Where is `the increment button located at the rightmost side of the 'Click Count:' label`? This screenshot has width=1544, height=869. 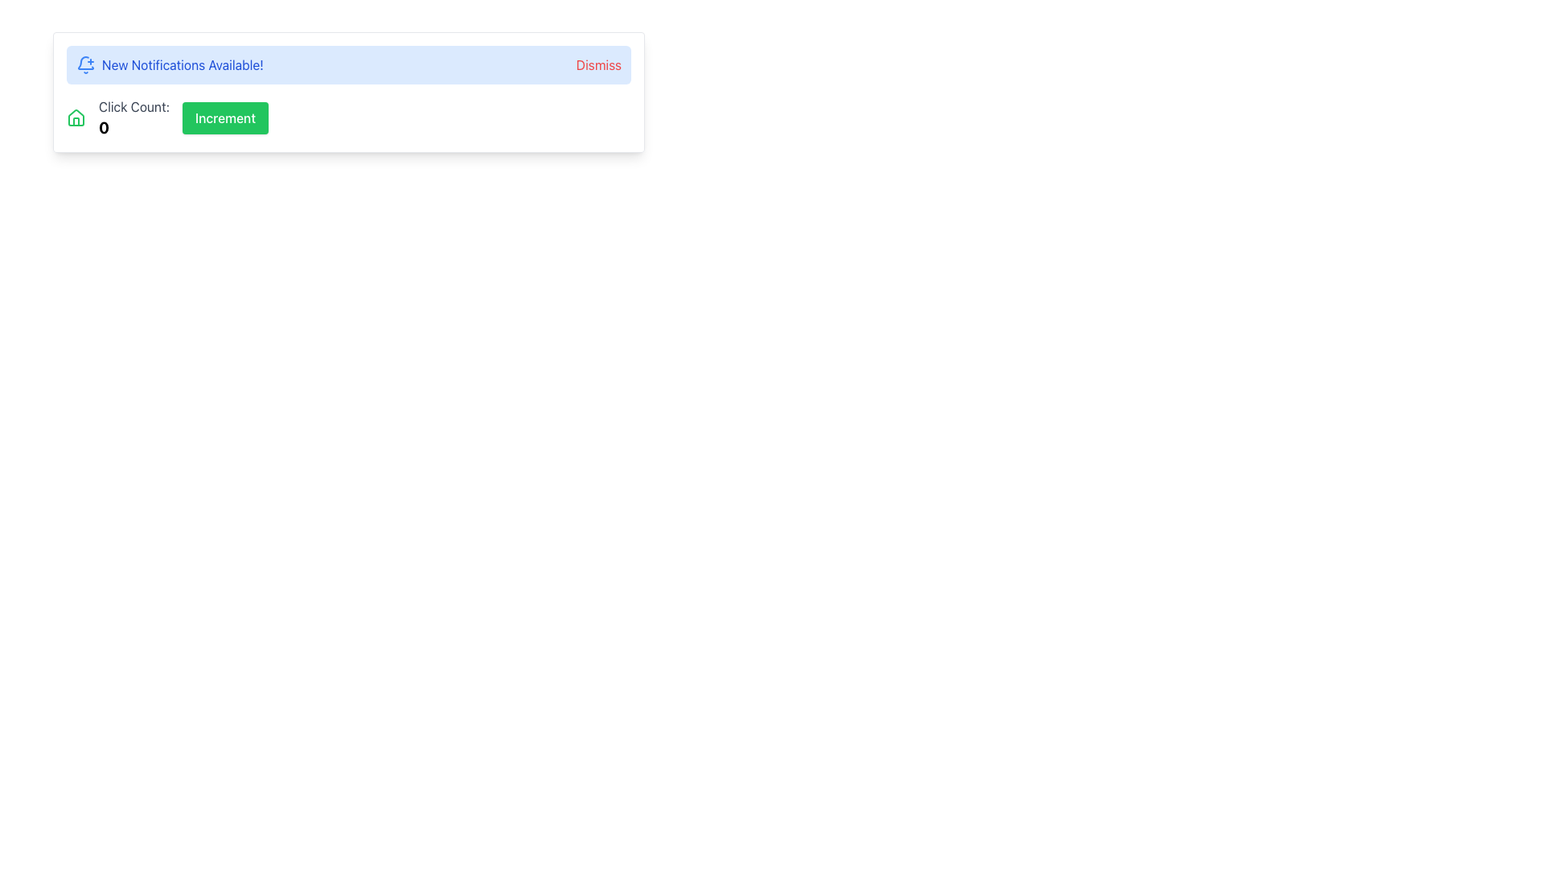
the increment button located at the rightmost side of the 'Click Count:' label is located at coordinates (224, 117).